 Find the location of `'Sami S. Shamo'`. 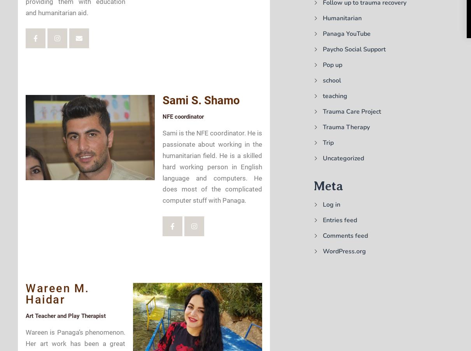

'Sami S. Shamo' is located at coordinates (201, 100).